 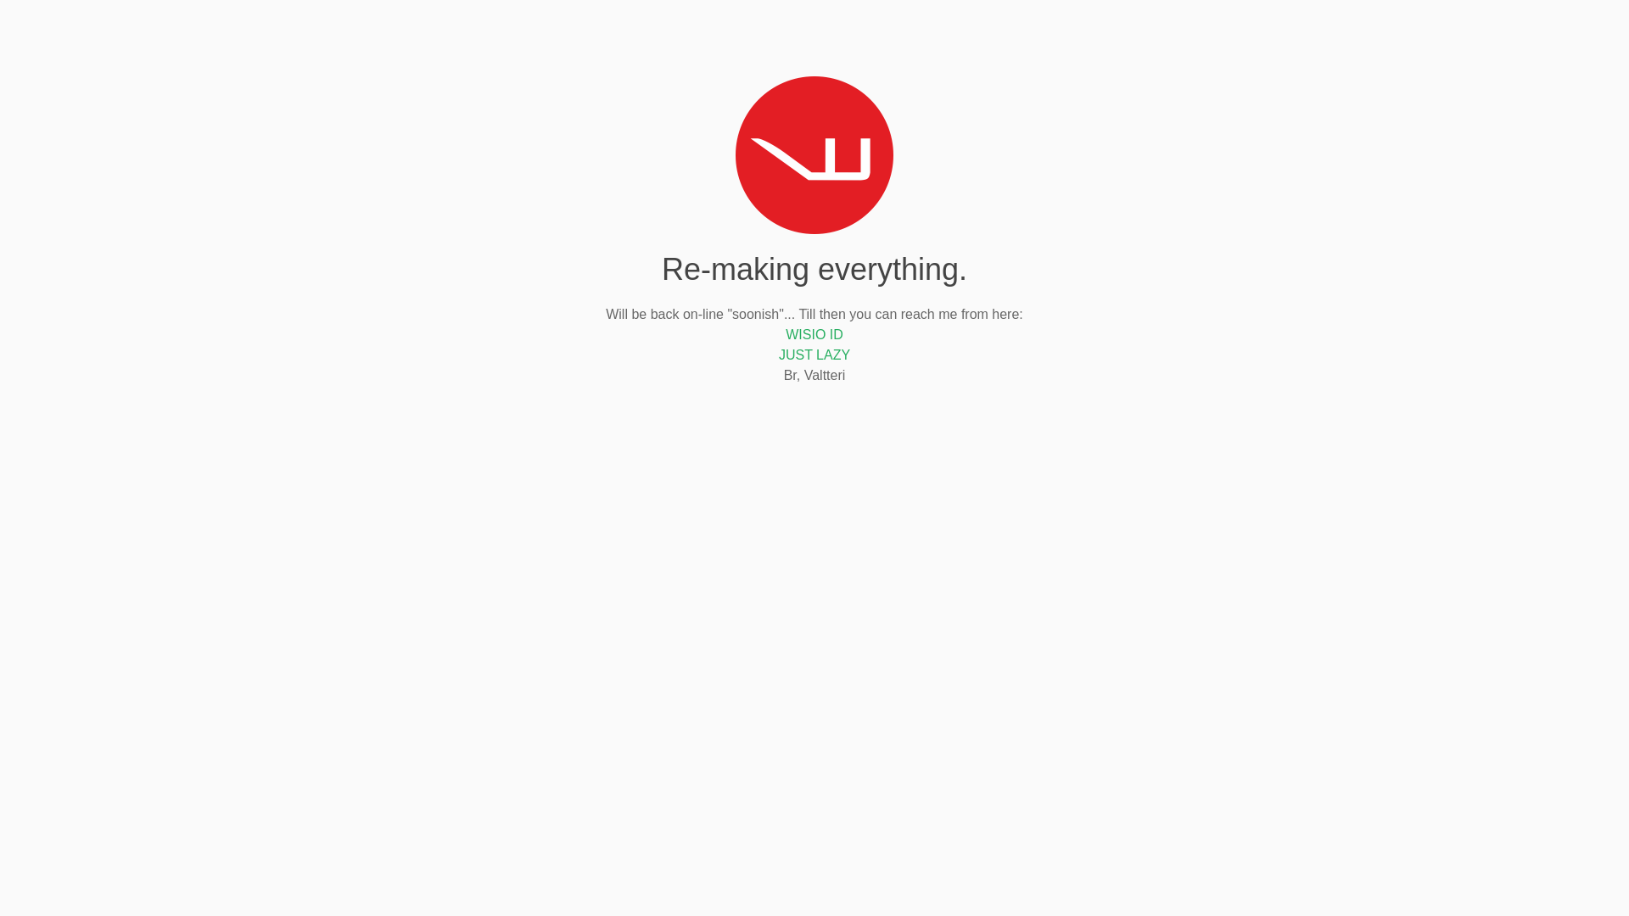 I want to click on 'WISIO ID', so click(x=814, y=334).